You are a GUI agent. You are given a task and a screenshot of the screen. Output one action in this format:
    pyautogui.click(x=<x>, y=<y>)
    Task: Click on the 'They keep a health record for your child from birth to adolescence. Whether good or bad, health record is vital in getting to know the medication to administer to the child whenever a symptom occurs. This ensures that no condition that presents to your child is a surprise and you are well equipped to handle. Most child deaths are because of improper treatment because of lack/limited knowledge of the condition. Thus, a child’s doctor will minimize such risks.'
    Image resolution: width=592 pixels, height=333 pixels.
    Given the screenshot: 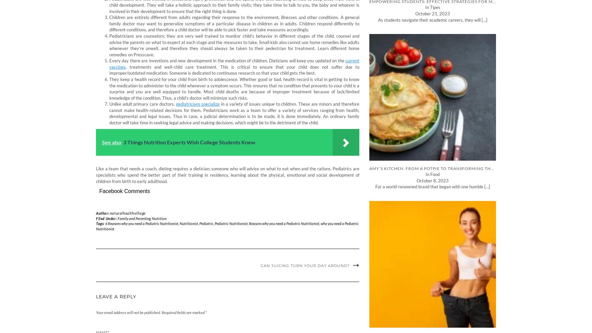 What is the action you would take?
    pyautogui.click(x=234, y=88)
    